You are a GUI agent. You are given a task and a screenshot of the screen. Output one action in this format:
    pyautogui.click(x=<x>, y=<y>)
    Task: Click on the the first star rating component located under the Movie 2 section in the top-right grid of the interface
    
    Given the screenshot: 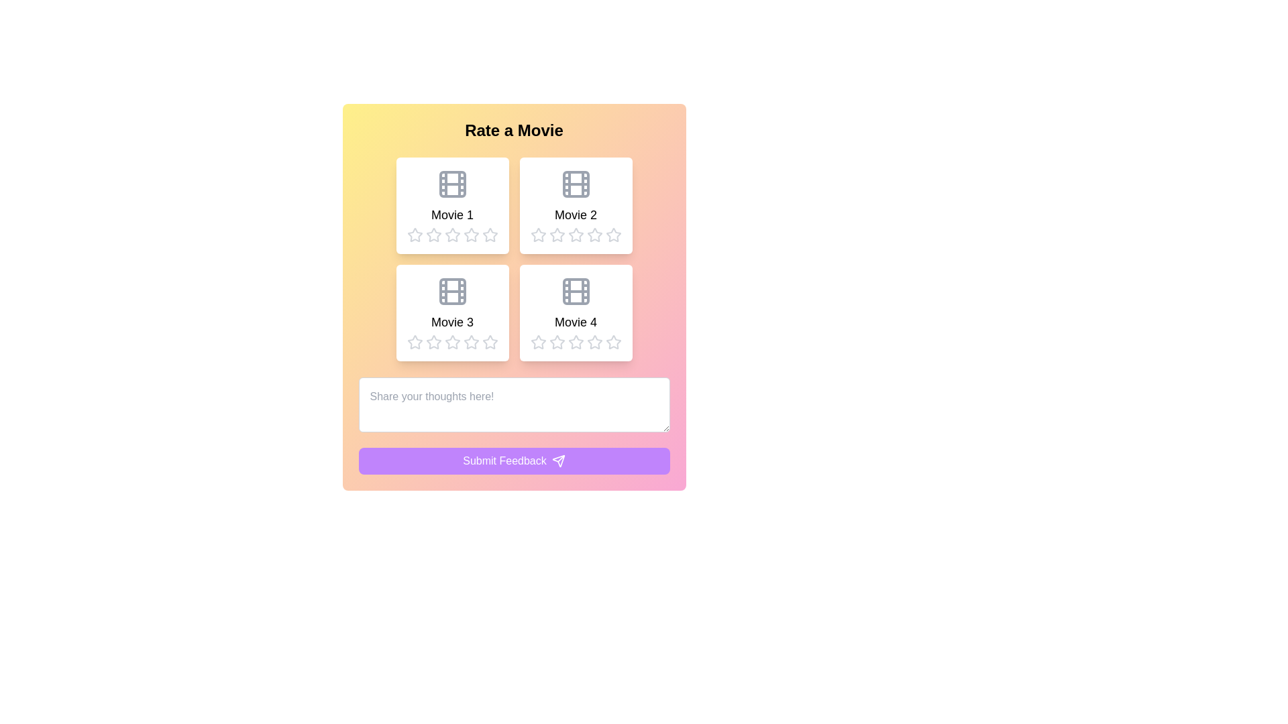 What is the action you would take?
    pyautogui.click(x=538, y=234)
    